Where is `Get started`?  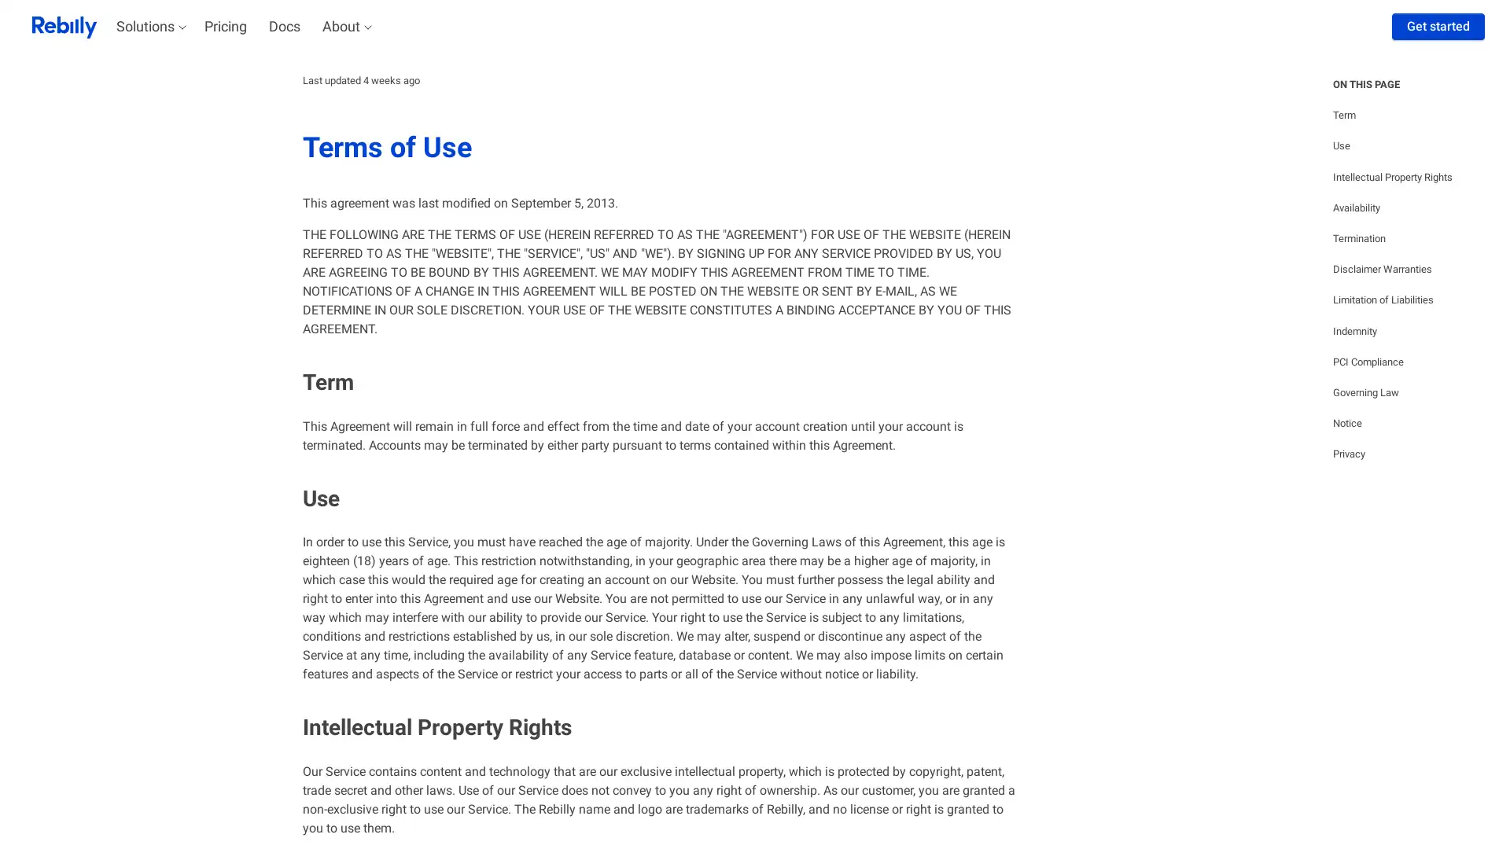
Get started is located at coordinates (1438, 27).